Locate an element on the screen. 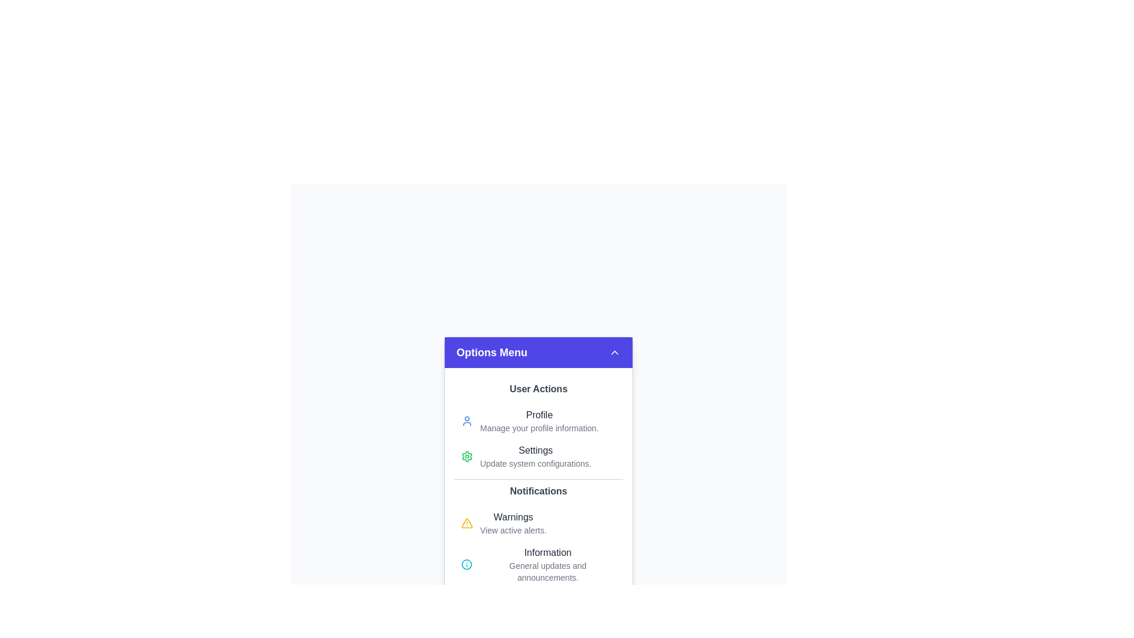 The width and height of the screenshot is (1134, 638). the information icon, which is a cyan circular icon with a central dot and a line extending below it, located to the left of the text 'Information General updates and announcements' in the Notifications section is located at coordinates (466, 564).